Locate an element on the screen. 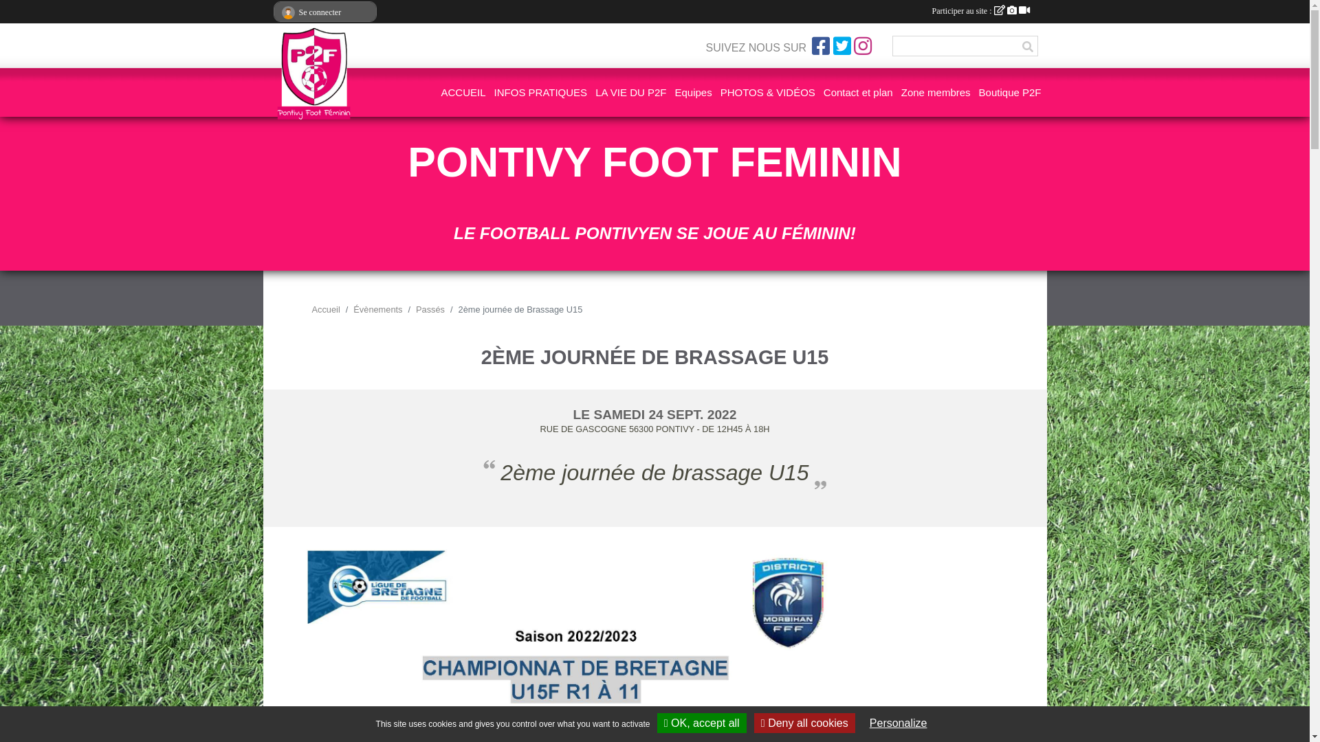 This screenshot has height=742, width=1320. 'Compte Instagram de l'association' is located at coordinates (861, 45).